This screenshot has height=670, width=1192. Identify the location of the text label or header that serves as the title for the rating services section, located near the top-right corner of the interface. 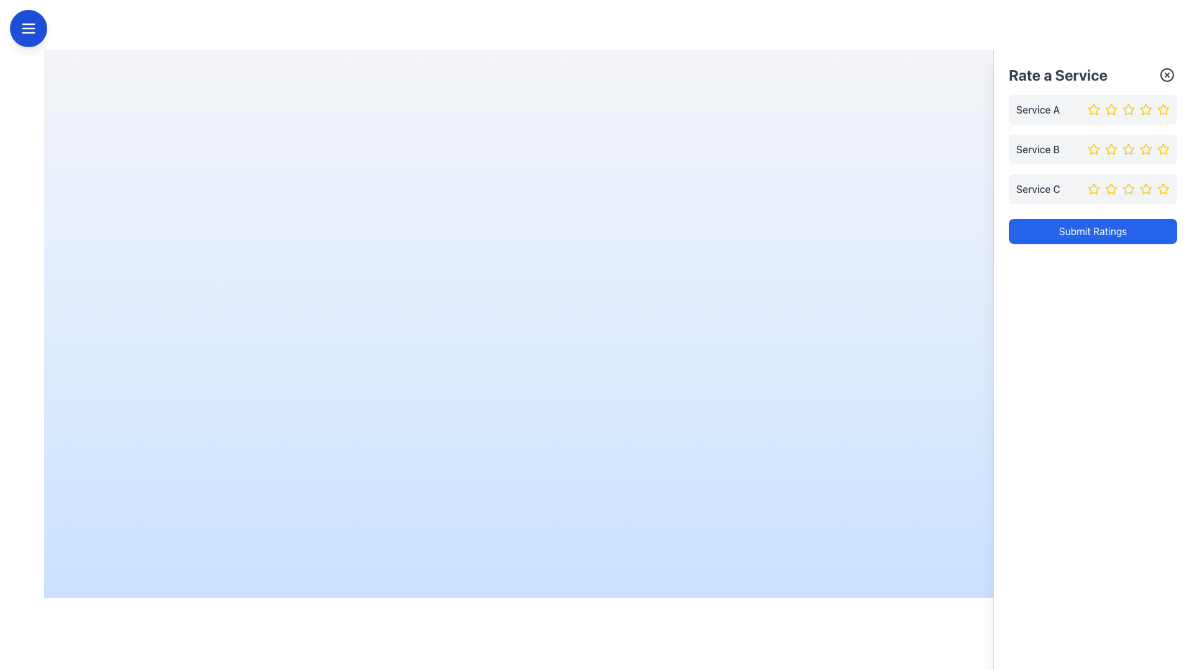
(1057, 74).